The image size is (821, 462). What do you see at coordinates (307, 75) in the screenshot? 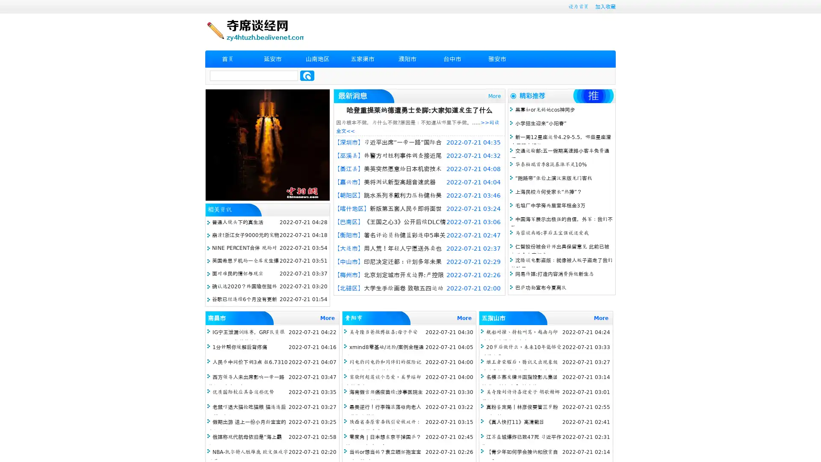
I see `Search` at bounding box center [307, 75].